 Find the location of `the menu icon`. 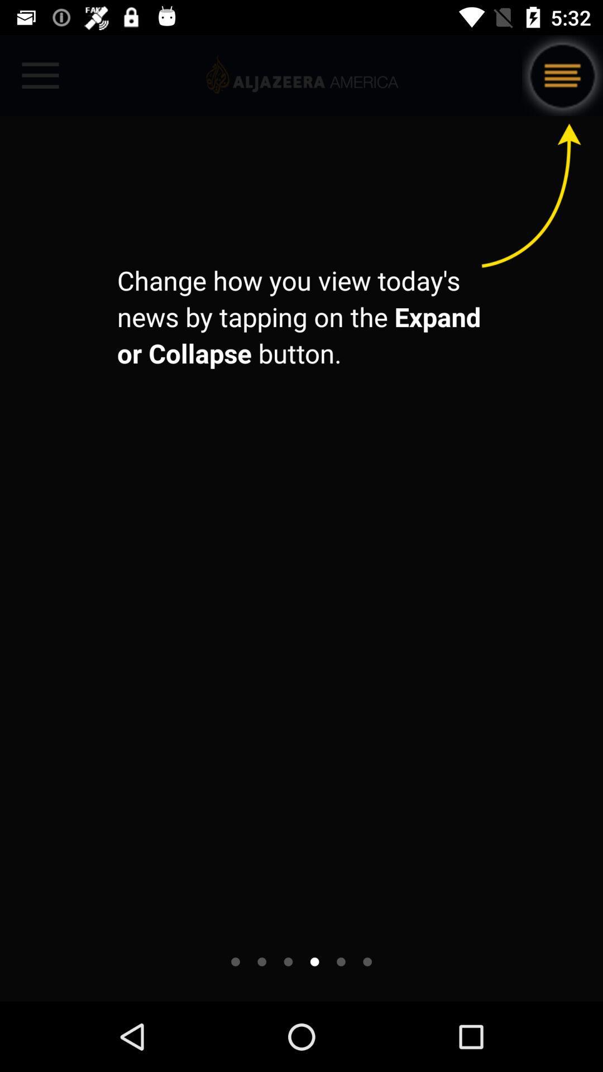

the menu icon is located at coordinates (562, 75).